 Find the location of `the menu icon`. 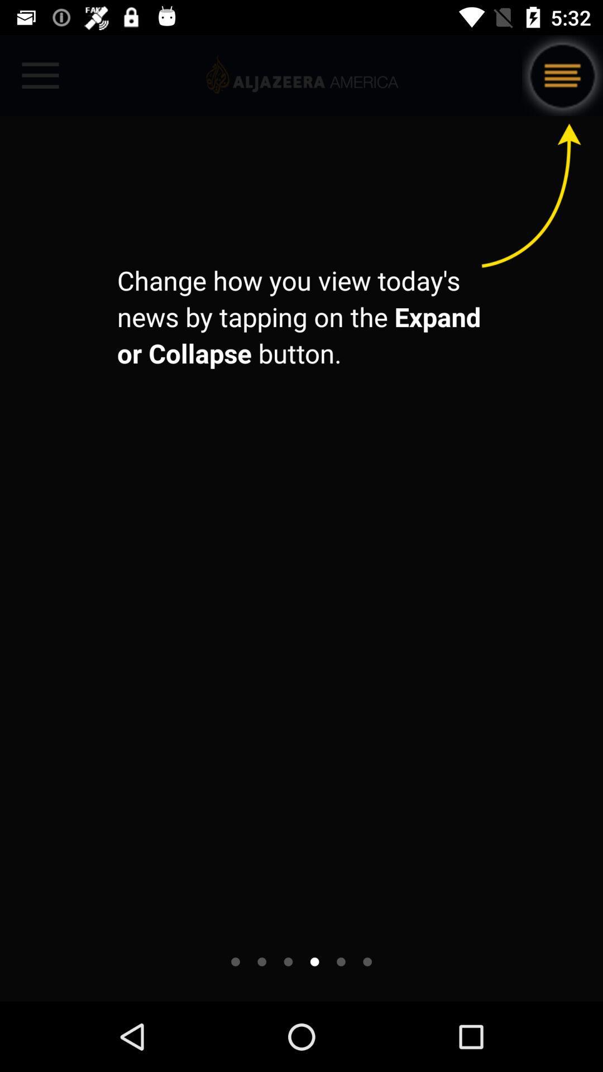

the menu icon is located at coordinates (562, 75).